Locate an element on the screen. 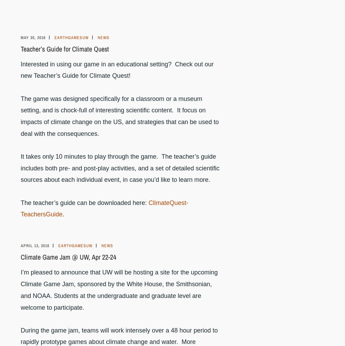 Image resolution: width=345 pixels, height=346 pixels. 'May 20, 2016' is located at coordinates (33, 37).